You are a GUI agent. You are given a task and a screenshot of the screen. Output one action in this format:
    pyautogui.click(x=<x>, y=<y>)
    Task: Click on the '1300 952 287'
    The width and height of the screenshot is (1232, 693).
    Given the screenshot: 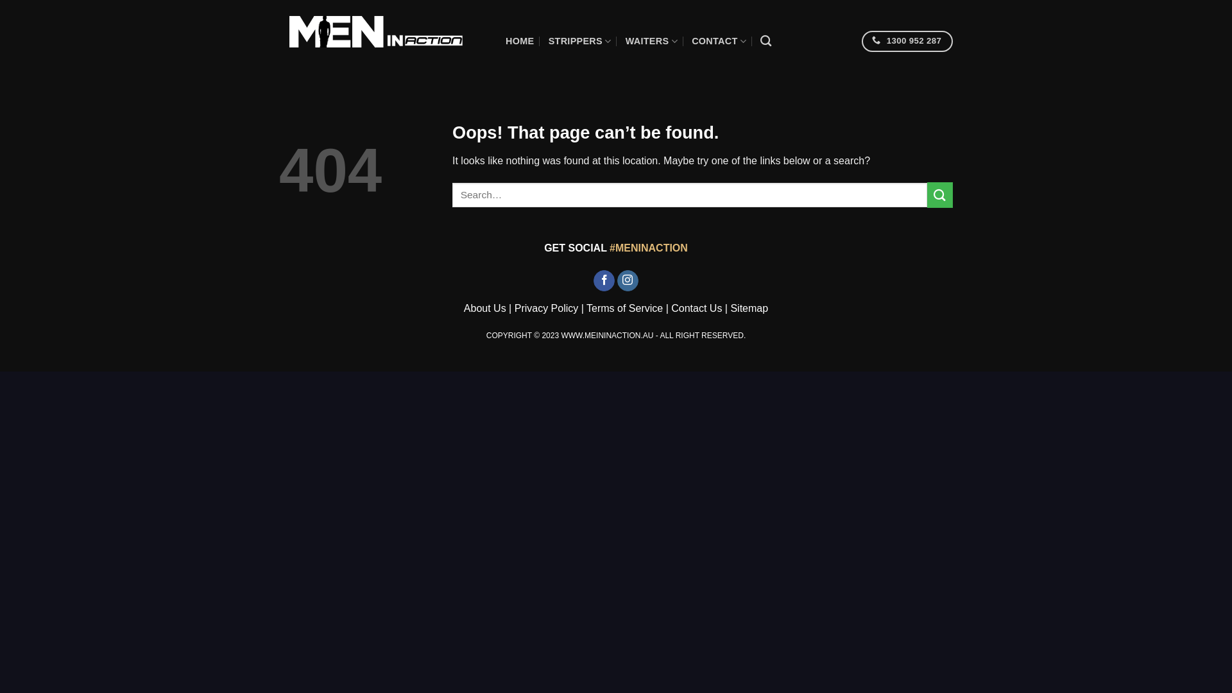 What is the action you would take?
    pyautogui.click(x=862, y=40)
    